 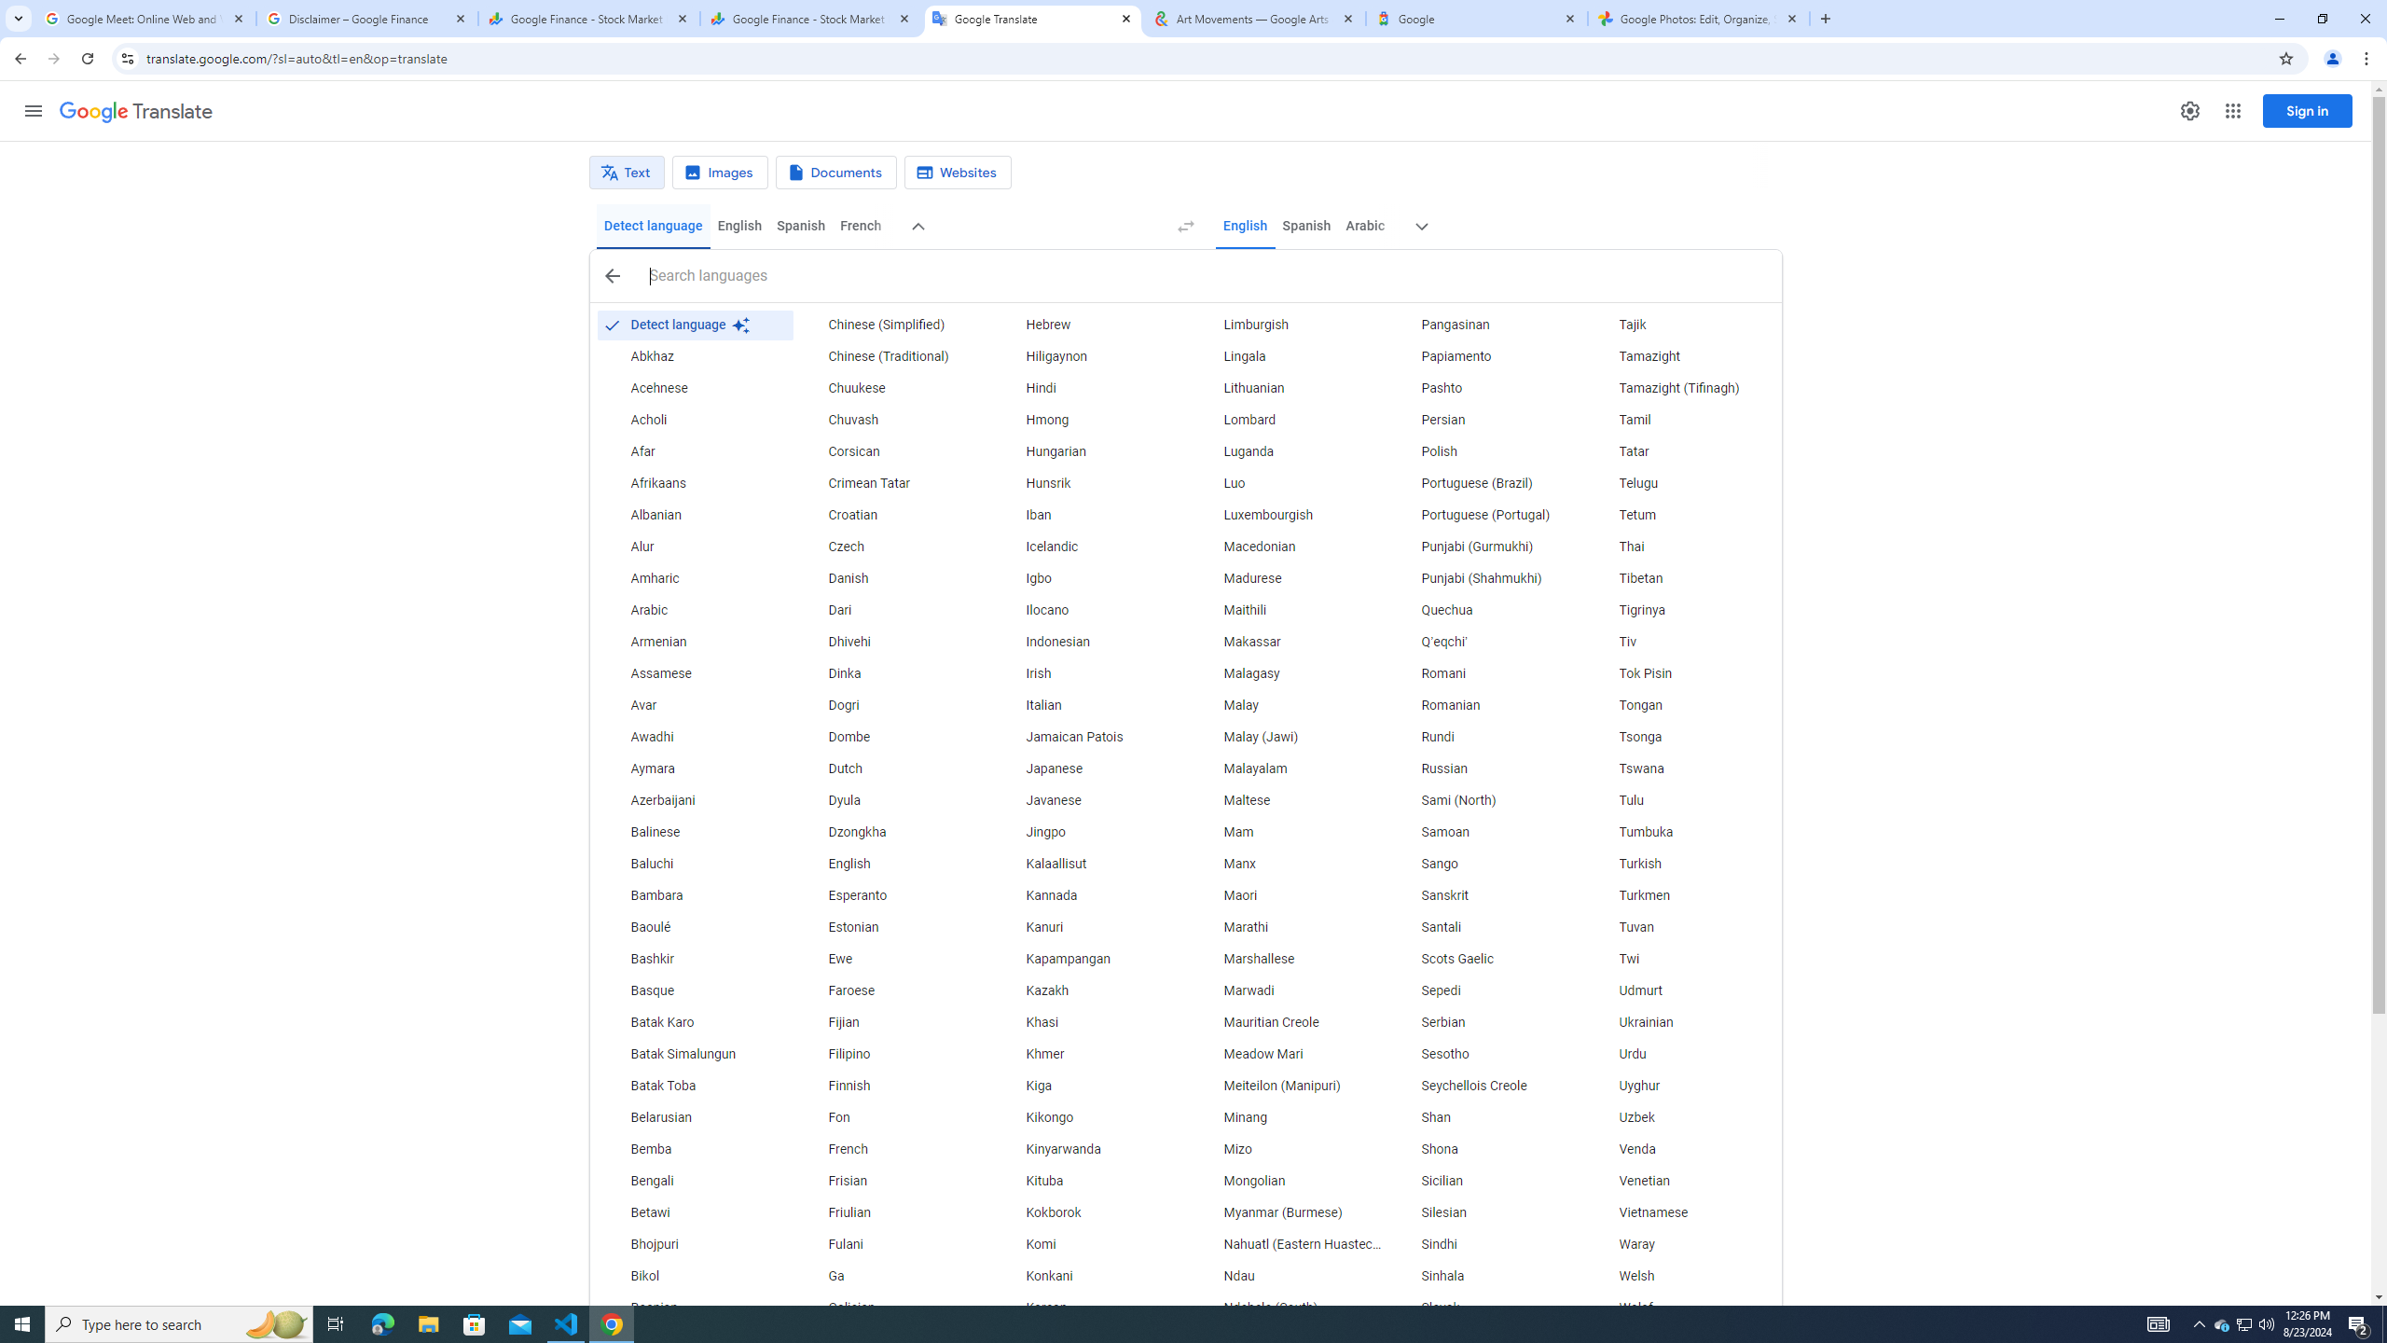 What do you see at coordinates (1681, 514) in the screenshot?
I see `'Tetum'` at bounding box center [1681, 514].